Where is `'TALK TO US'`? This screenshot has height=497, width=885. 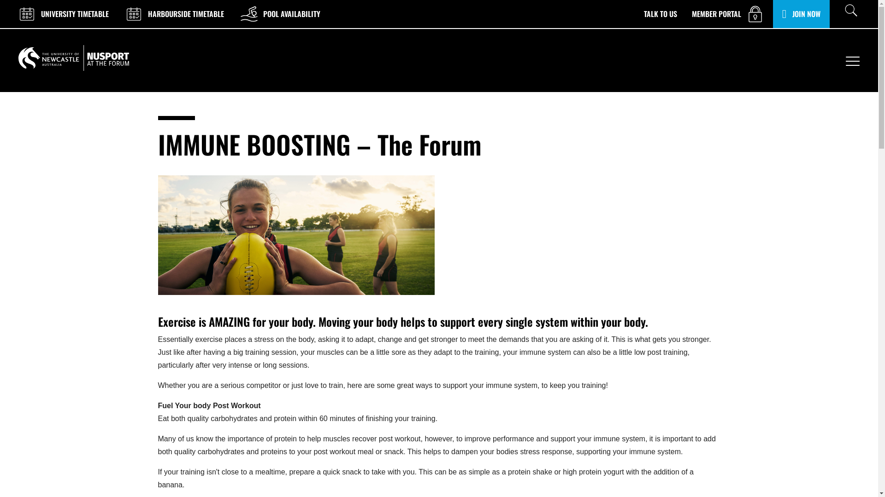
'TALK TO US' is located at coordinates (643, 14).